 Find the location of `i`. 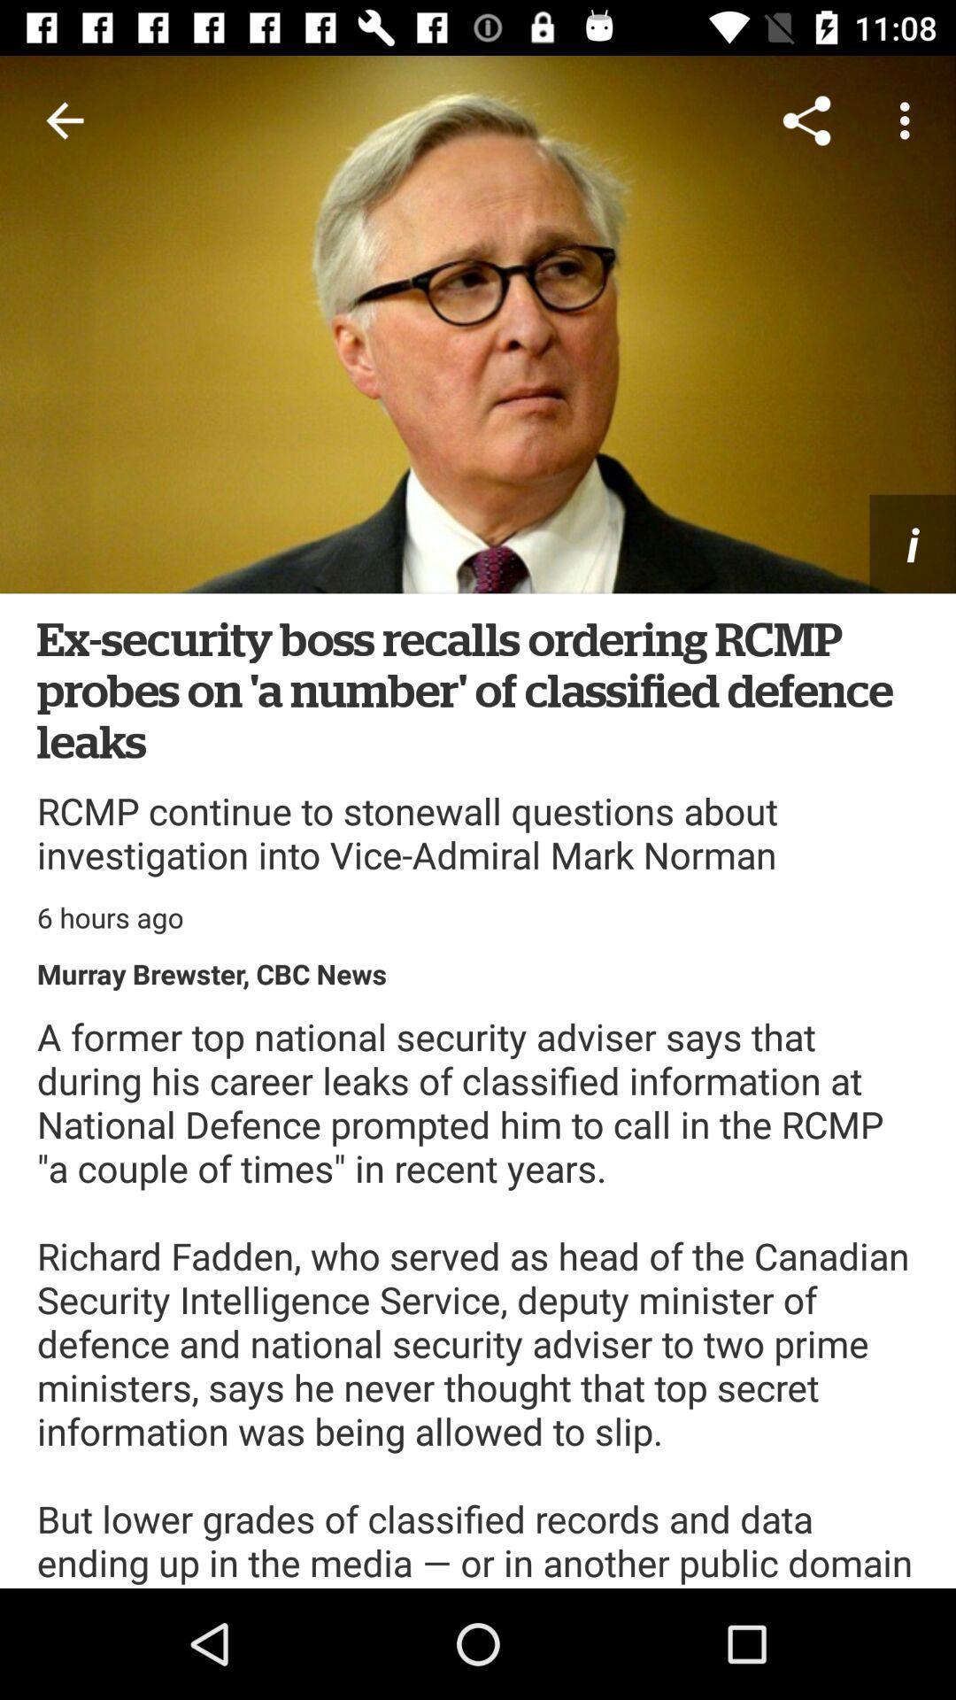

i is located at coordinates (913, 543).